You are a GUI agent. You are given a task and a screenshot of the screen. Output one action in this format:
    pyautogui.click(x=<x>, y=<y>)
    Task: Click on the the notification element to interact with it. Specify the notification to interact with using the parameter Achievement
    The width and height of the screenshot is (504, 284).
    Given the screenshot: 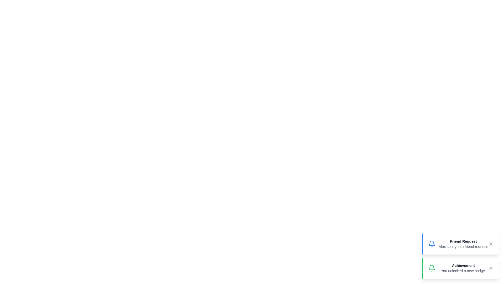 What is the action you would take?
    pyautogui.click(x=460, y=268)
    